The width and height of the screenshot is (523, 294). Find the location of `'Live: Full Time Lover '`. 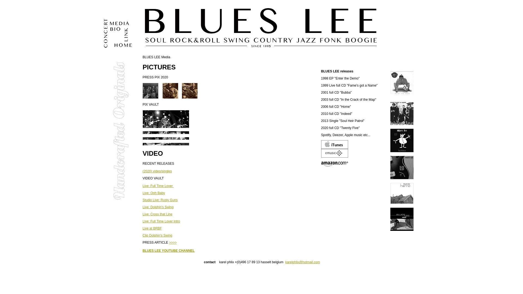

'Live: Full Time Lover ' is located at coordinates (158, 185).